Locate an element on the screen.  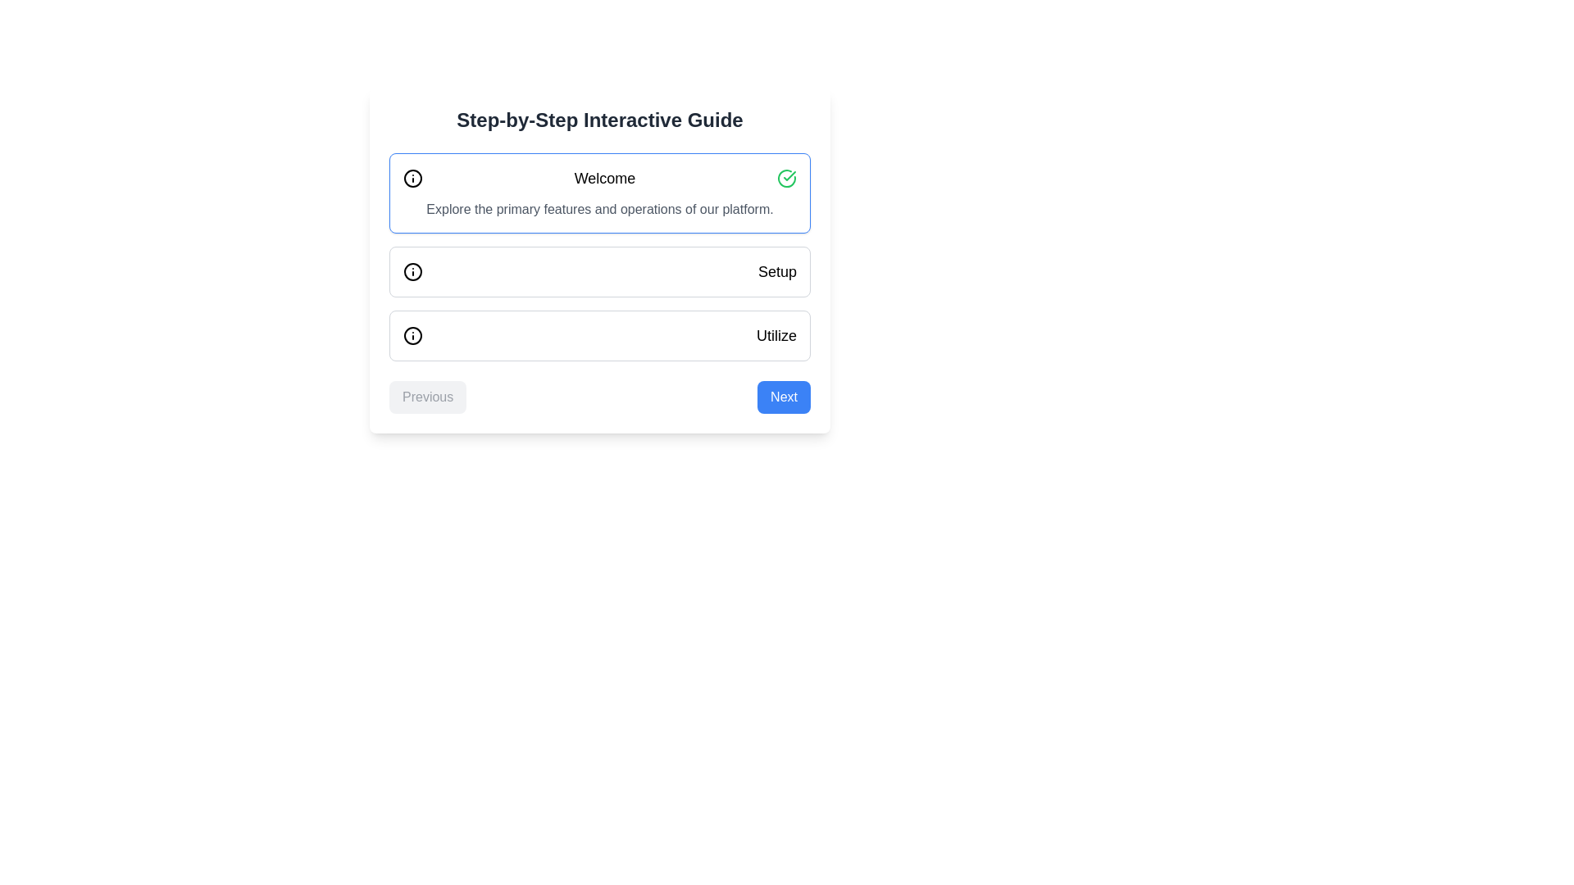
the welcoming message Text label that guides the user through the interface, located at the top of a bordered box in the central part of the interface is located at coordinates (598, 179).